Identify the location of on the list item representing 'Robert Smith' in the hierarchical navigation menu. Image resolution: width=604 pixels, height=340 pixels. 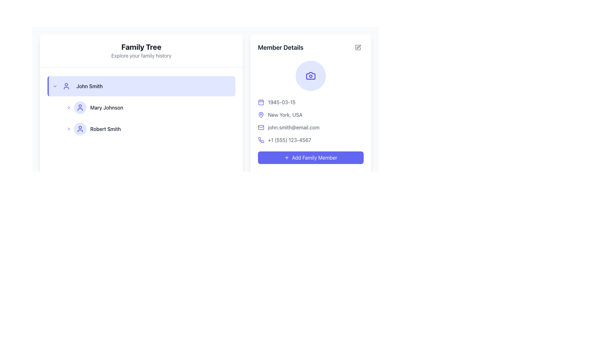
(148, 128).